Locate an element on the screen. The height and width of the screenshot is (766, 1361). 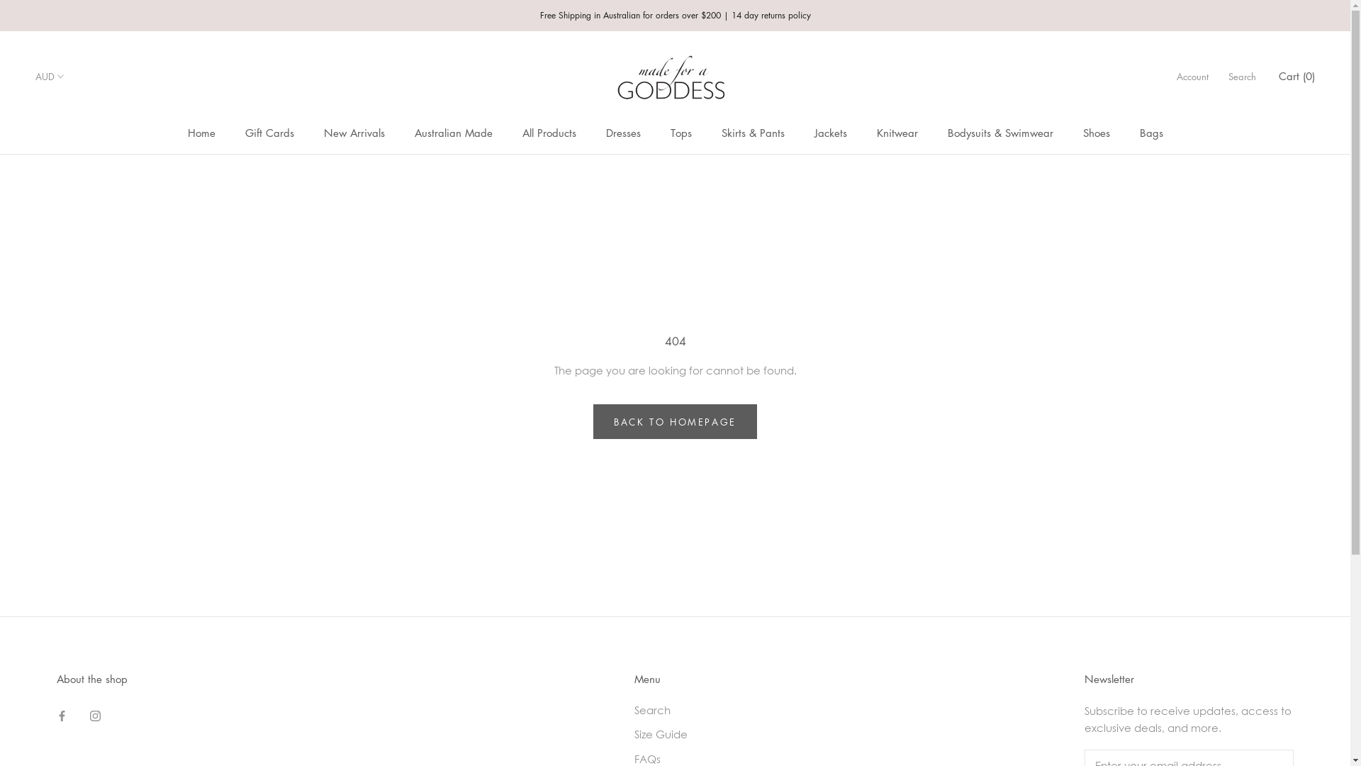
'Tops is located at coordinates (669, 132).